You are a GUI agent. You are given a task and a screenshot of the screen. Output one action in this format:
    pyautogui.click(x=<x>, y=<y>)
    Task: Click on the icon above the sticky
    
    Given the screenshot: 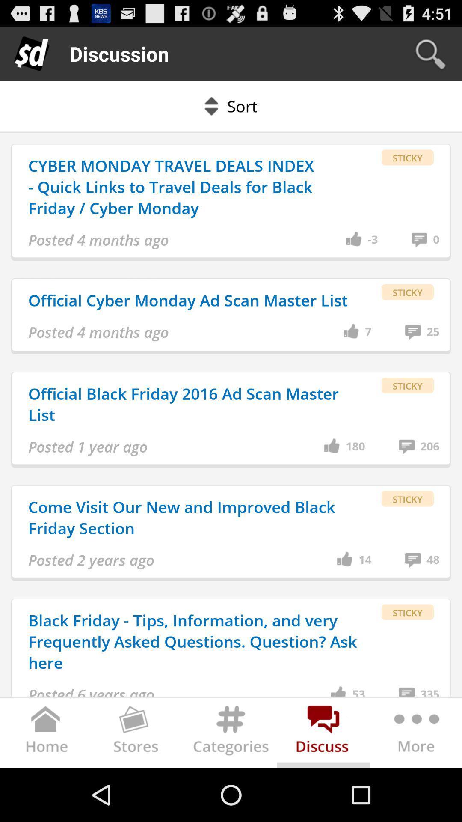 What is the action you would take?
    pyautogui.click(x=433, y=331)
    